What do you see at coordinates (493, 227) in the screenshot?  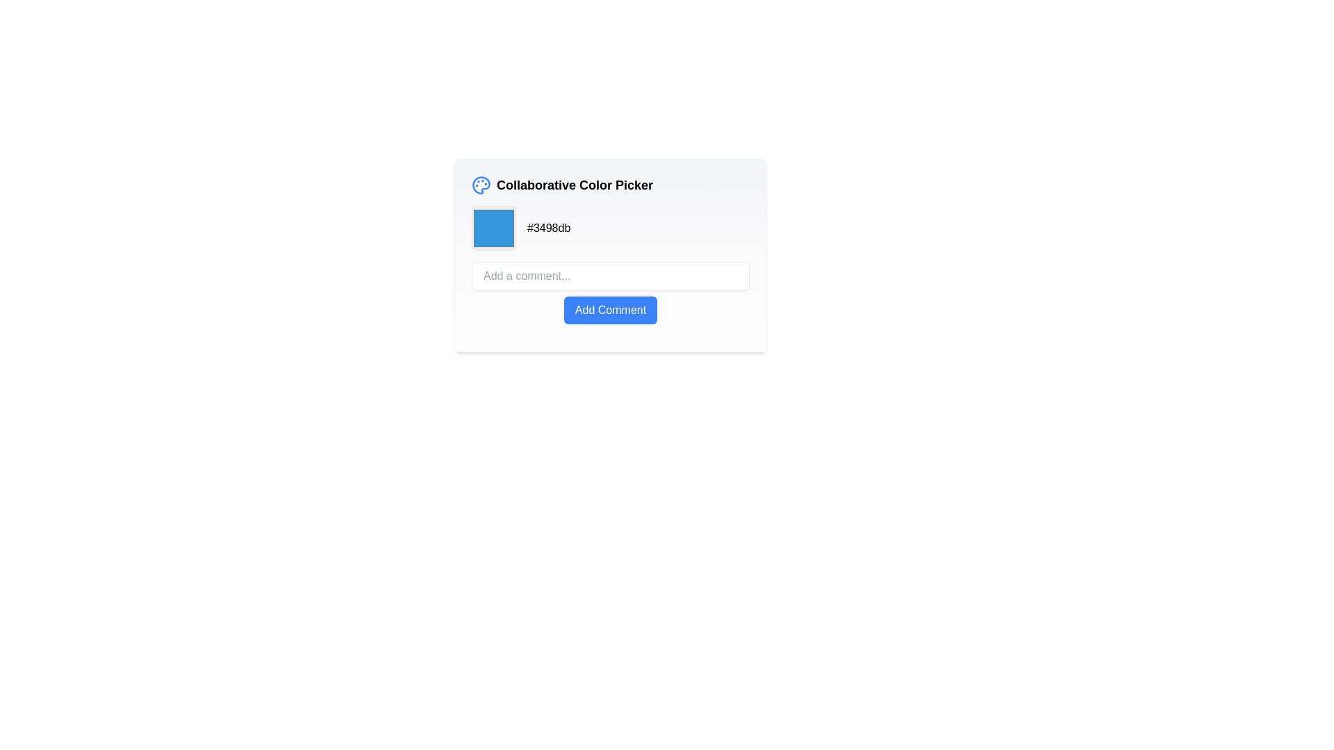 I see `the color swatch displaying the color '#3498db'` at bounding box center [493, 227].